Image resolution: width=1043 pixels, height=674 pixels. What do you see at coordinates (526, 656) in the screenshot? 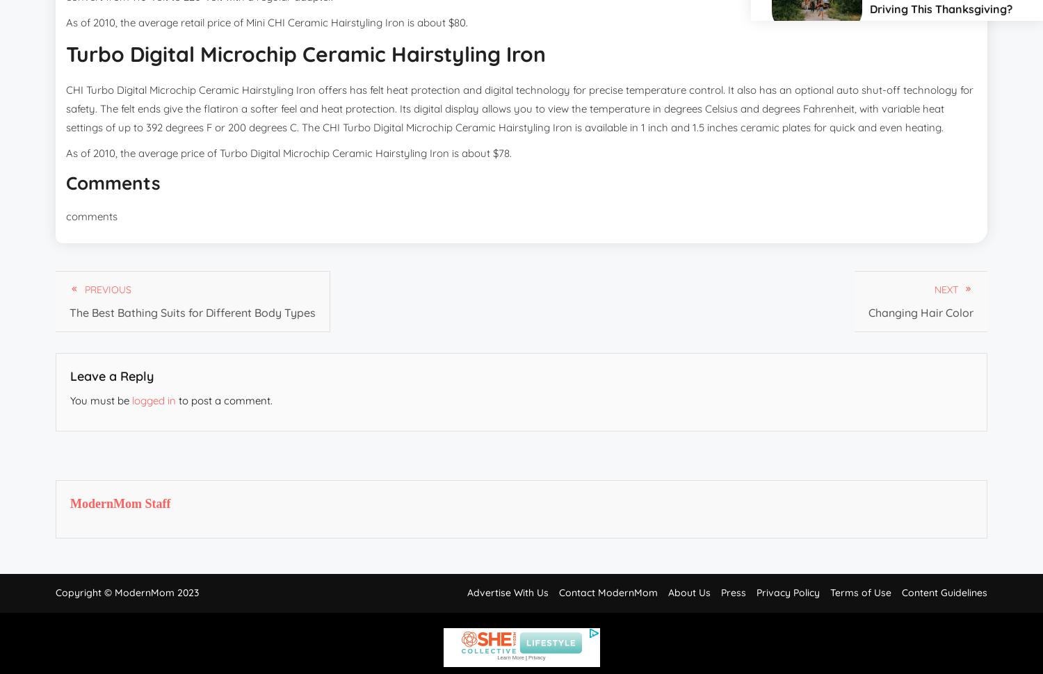
I see `'|'` at bounding box center [526, 656].